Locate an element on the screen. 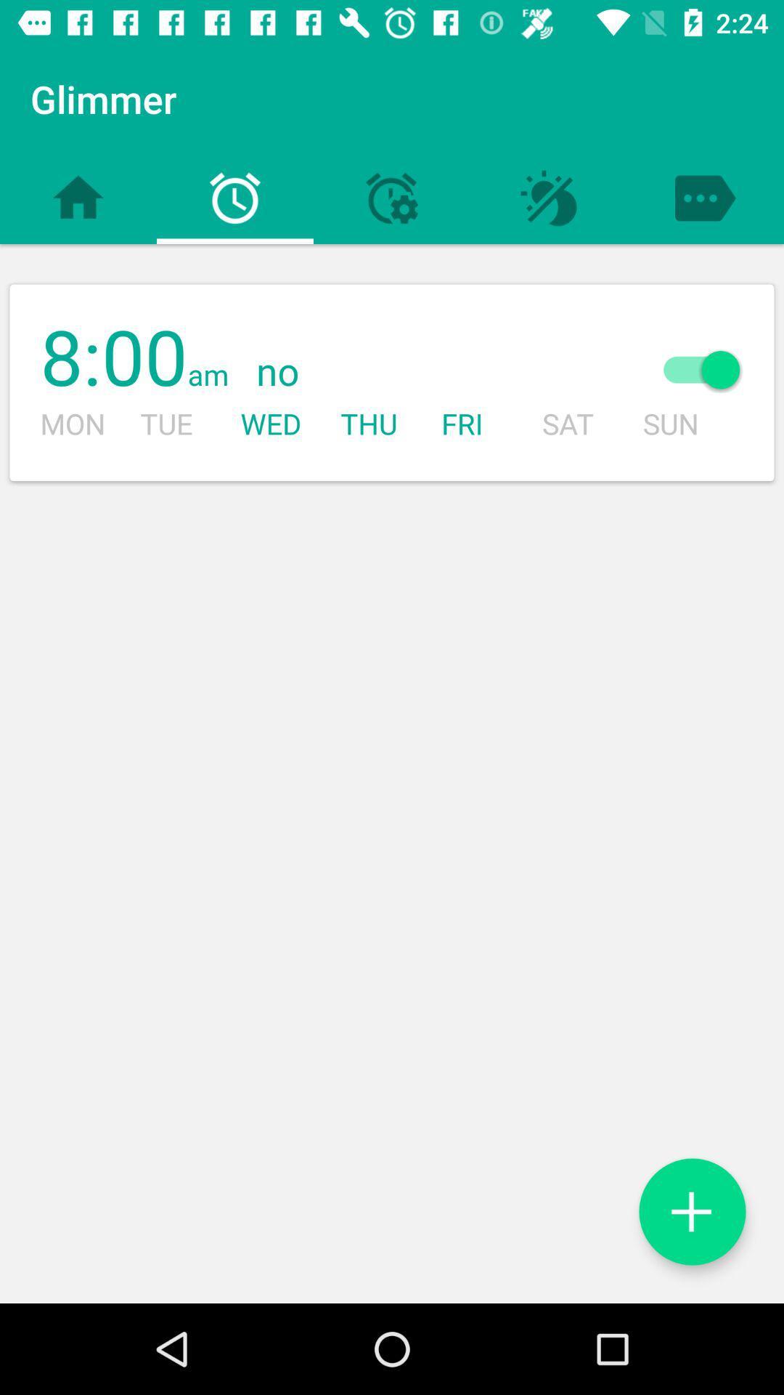 The height and width of the screenshot is (1395, 784). the icon to the left of the sun icon is located at coordinates (425, 373).